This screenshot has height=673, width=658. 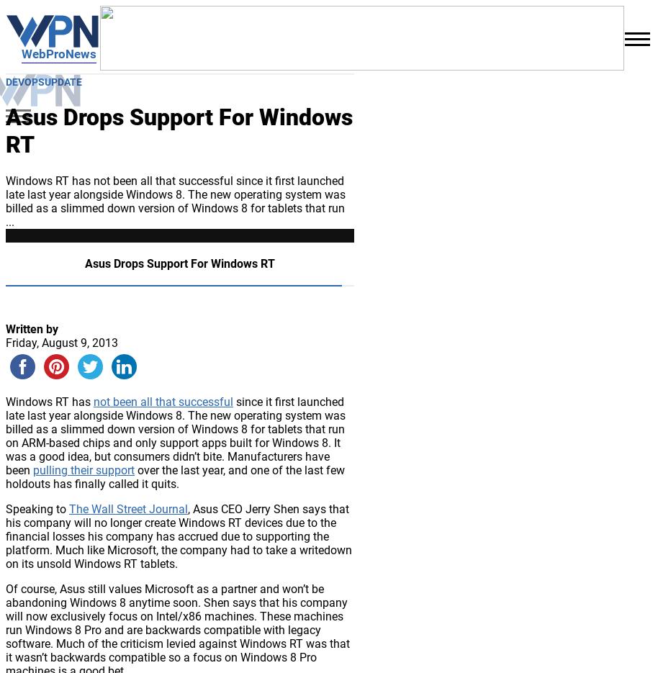 I want to click on 'WebProNews', so click(x=58, y=53).